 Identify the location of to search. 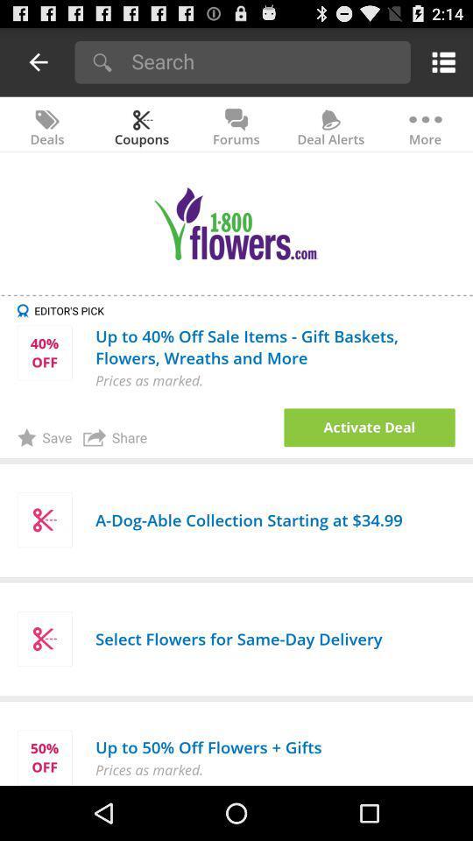
(265, 60).